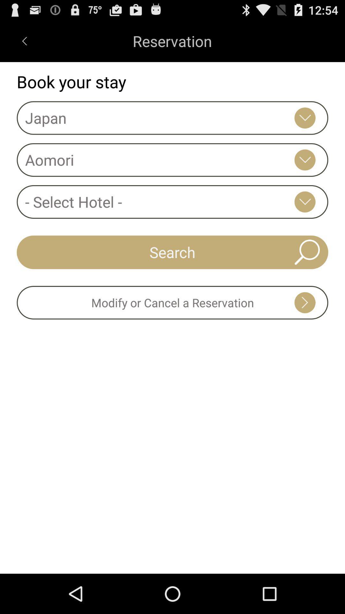  I want to click on icon above modify or cancel icon, so click(172, 252).